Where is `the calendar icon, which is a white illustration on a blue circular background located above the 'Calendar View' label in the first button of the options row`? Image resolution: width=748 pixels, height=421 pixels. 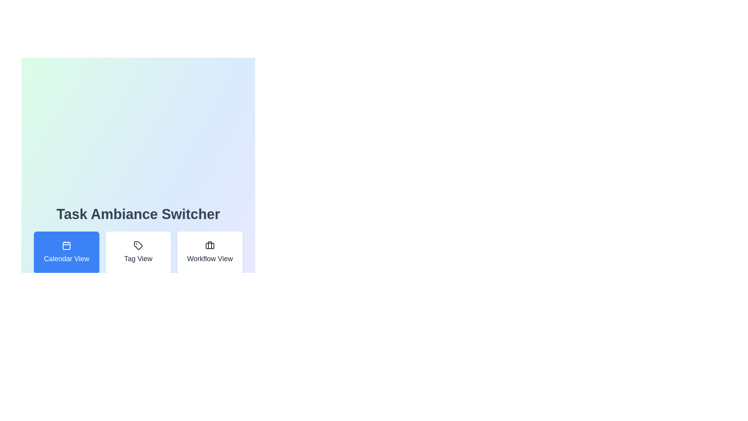
the calendar icon, which is a white illustration on a blue circular background located above the 'Calendar View' label in the first button of the options row is located at coordinates (67, 245).